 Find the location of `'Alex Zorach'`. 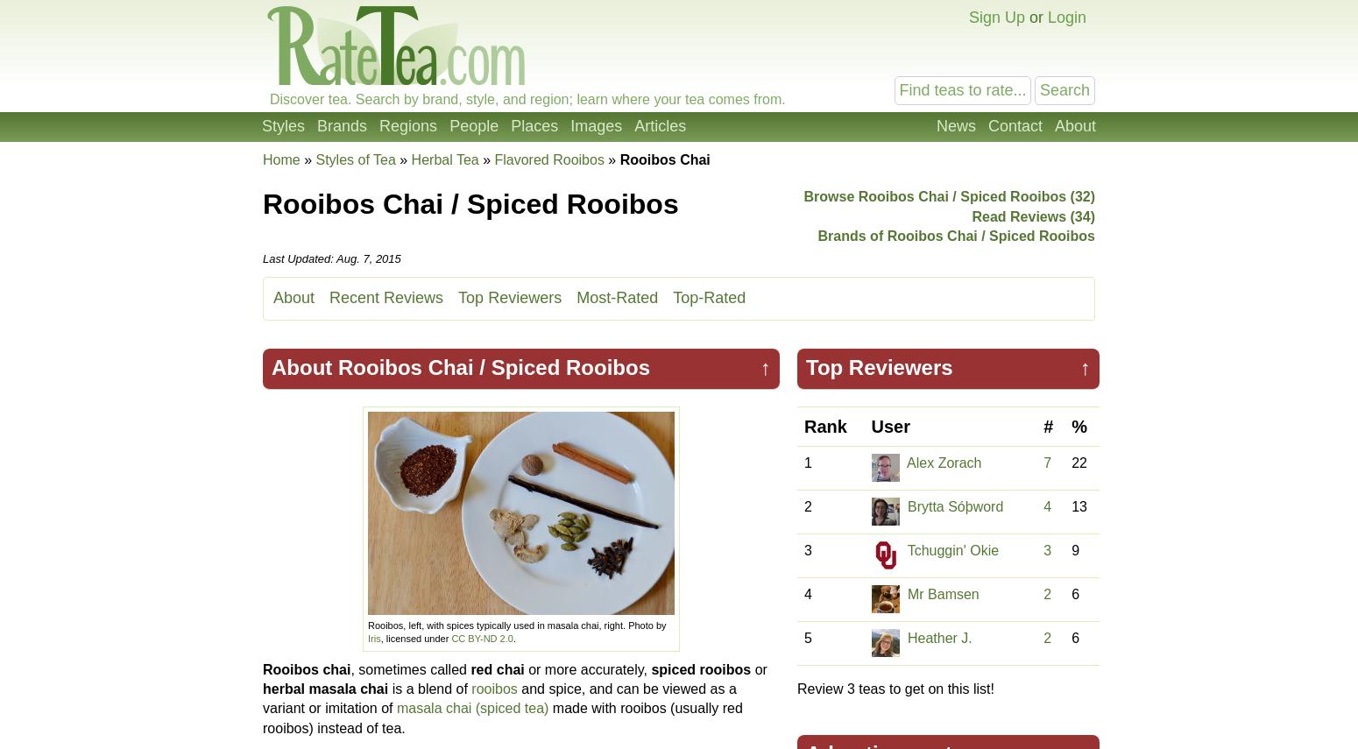

'Alex Zorach' is located at coordinates (944, 463).